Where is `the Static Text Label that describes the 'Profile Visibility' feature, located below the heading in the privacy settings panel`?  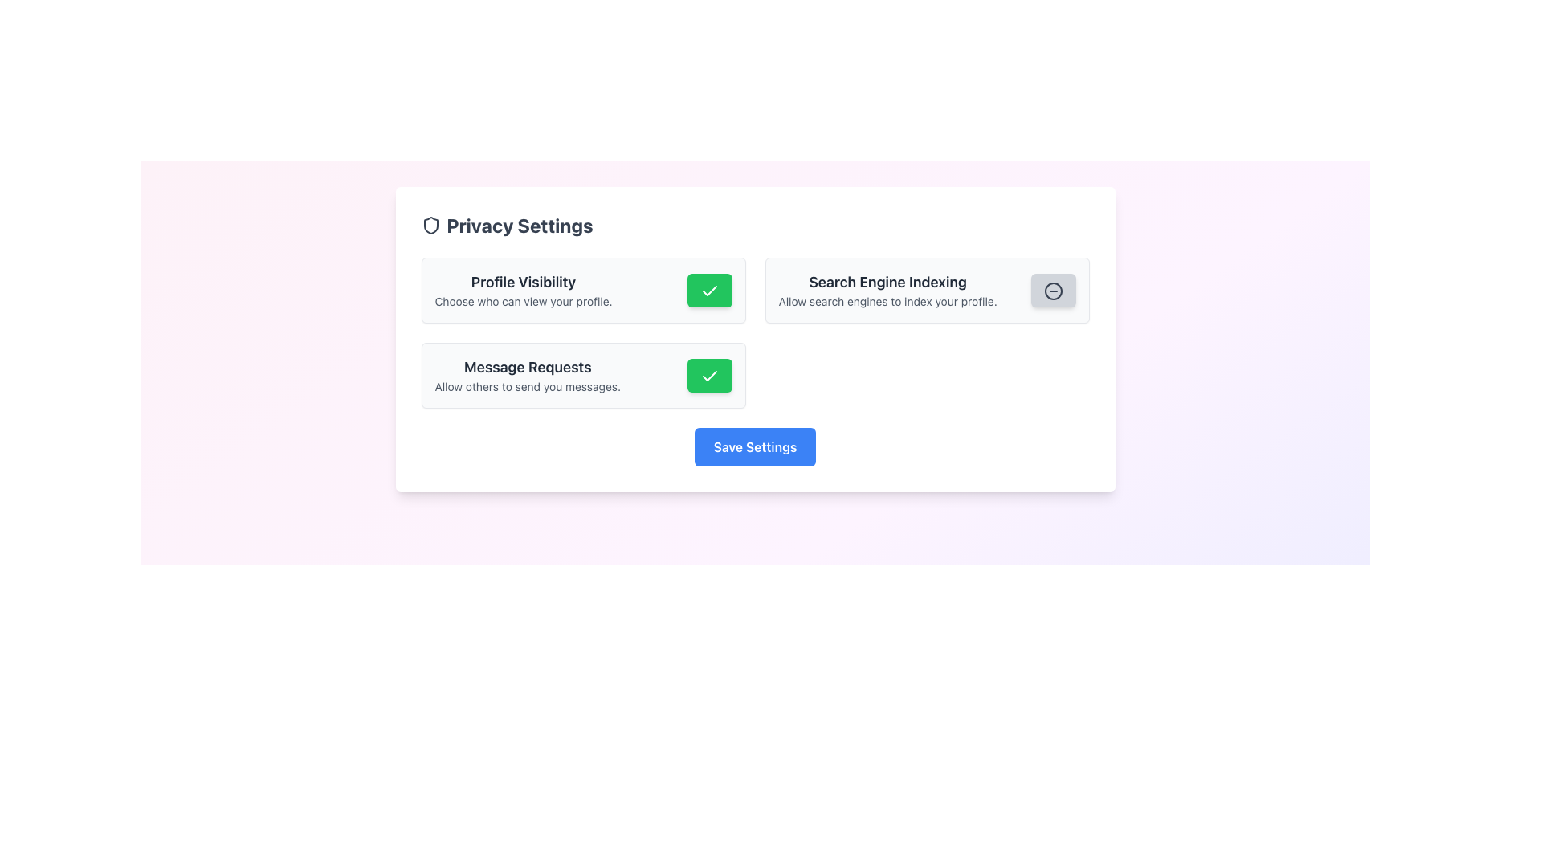
the Static Text Label that describes the 'Profile Visibility' feature, located below the heading in the privacy settings panel is located at coordinates (524, 301).